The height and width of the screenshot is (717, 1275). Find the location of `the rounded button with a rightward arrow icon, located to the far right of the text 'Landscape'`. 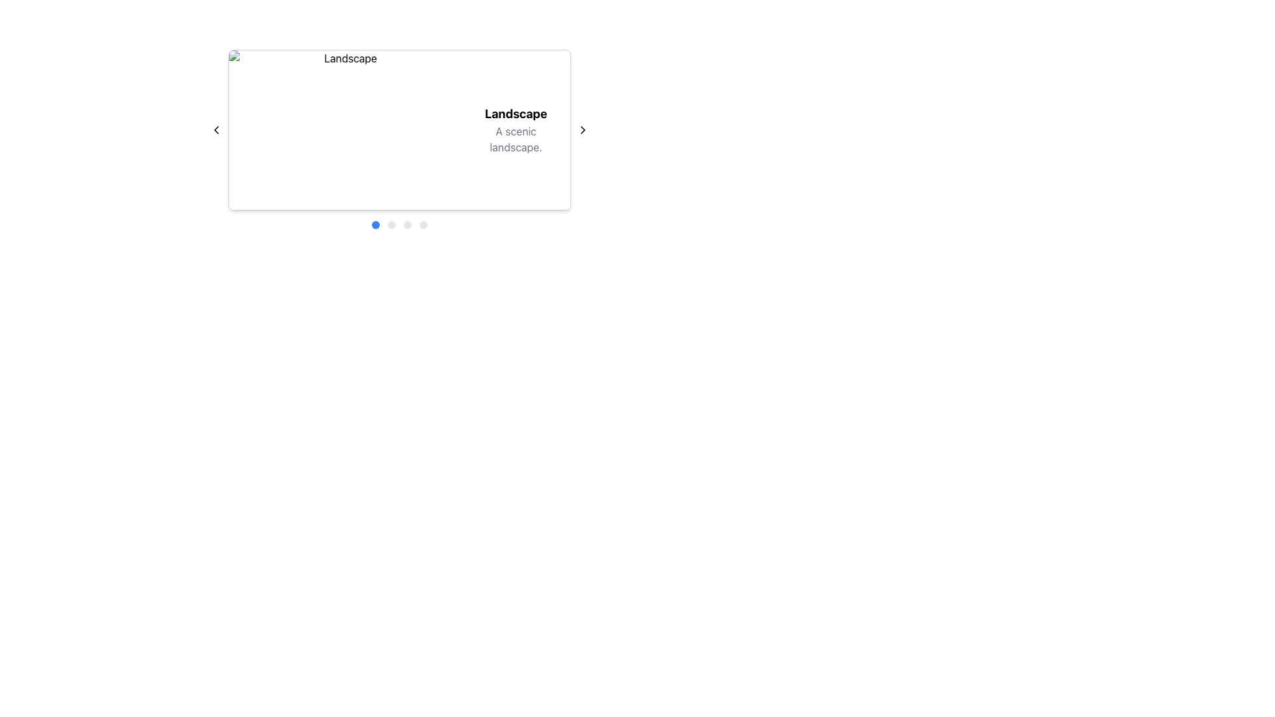

the rounded button with a rightward arrow icon, located to the far right of the text 'Landscape' is located at coordinates (583, 130).